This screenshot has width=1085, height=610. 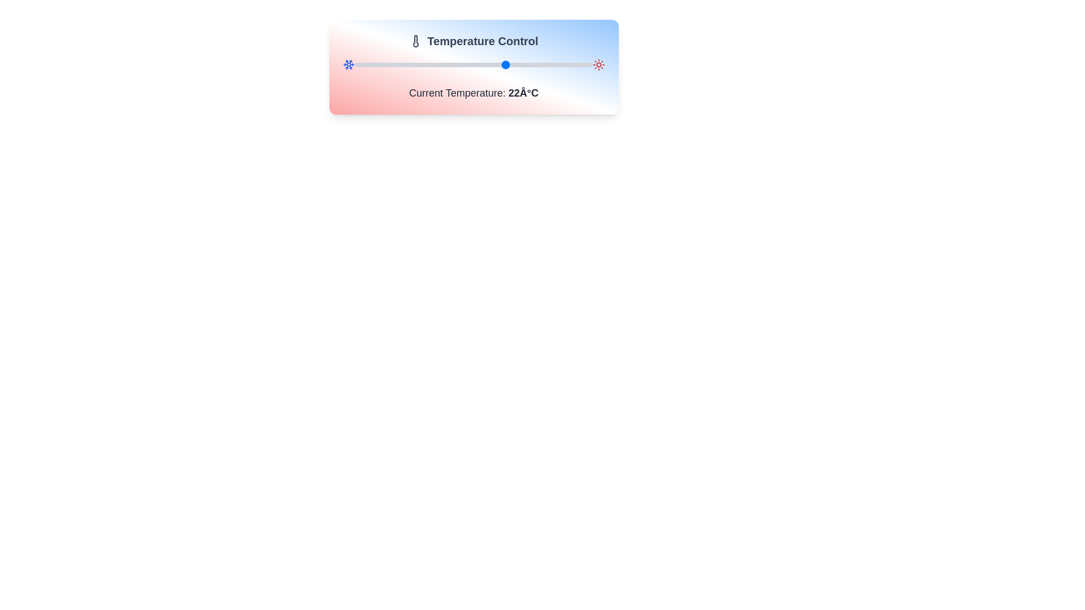 What do you see at coordinates (415, 41) in the screenshot?
I see `the thermometer icon located to the left of the 'Temperature Control' text in the header bar` at bounding box center [415, 41].